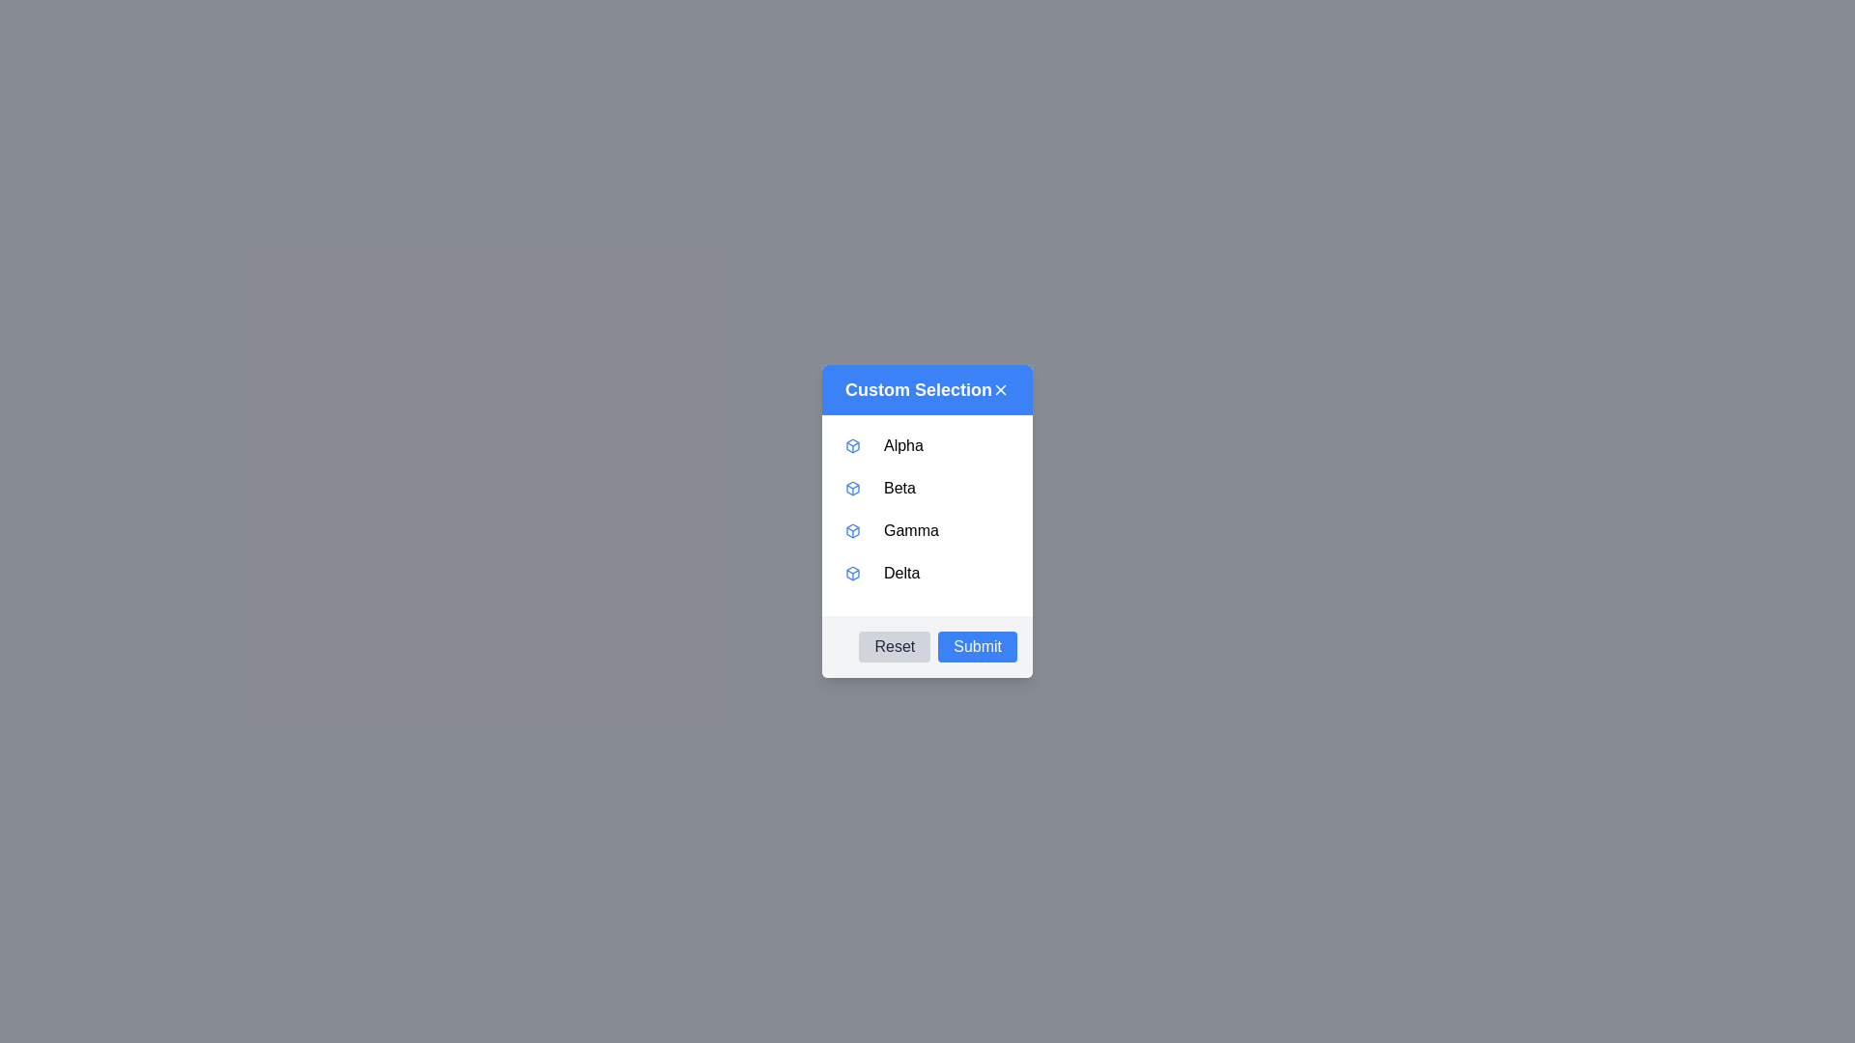 The width and height of the screenshot is (1855, 1043). I want to click on the illustrative icon representing the 'Alpha' option in the list under the 'Custom Selection' heading, positioned above the 'Reset' and 'Submit' buttons, so click(852, 446).